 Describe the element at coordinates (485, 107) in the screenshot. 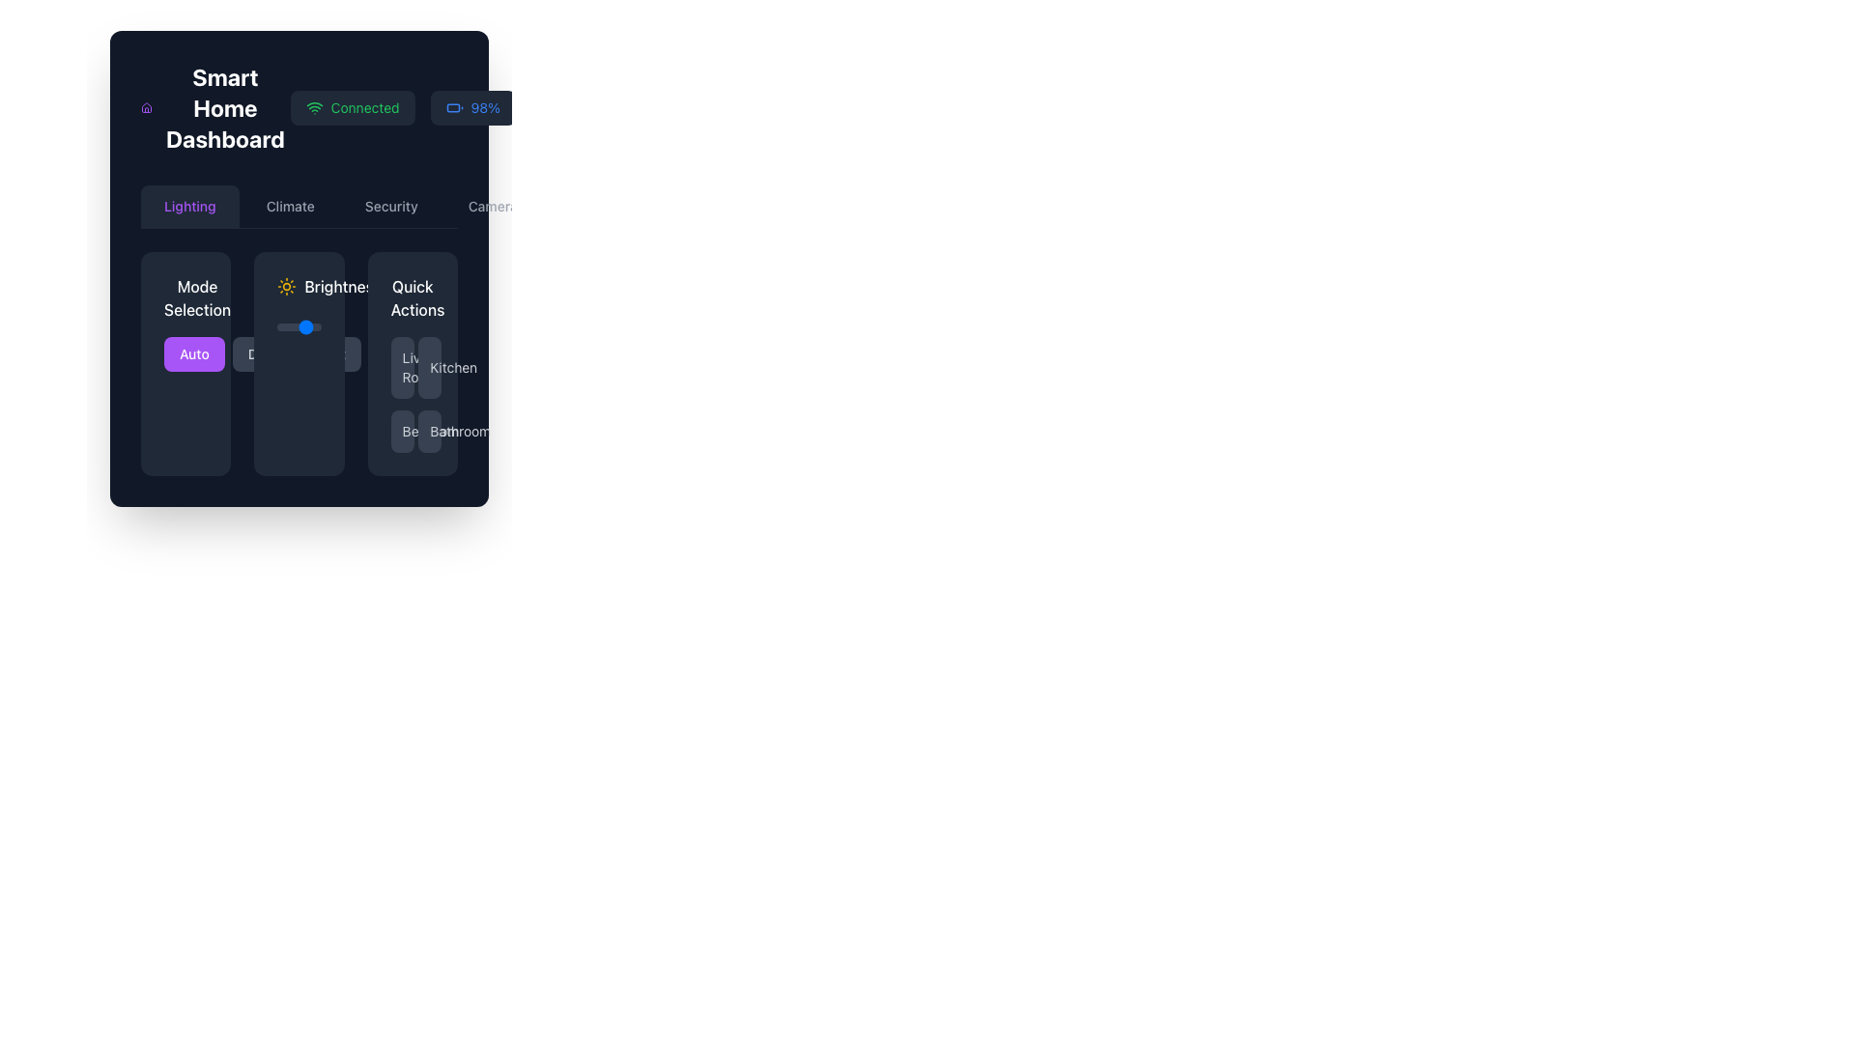

I see `the percentage value displayed in the text label indicating the battery level on the Smart Home Dashboard, located near the top-right corner adjacent to the battery icon` at that location.